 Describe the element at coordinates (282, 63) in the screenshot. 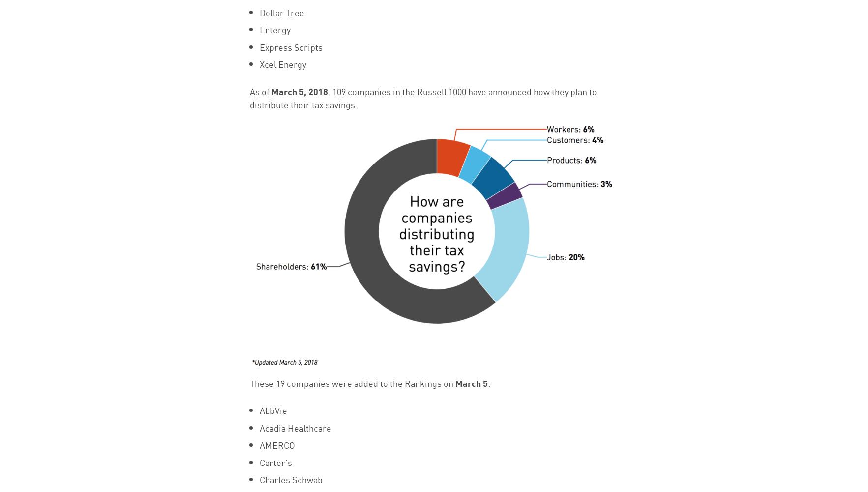

I see `'Xcel Energy'` at that location.